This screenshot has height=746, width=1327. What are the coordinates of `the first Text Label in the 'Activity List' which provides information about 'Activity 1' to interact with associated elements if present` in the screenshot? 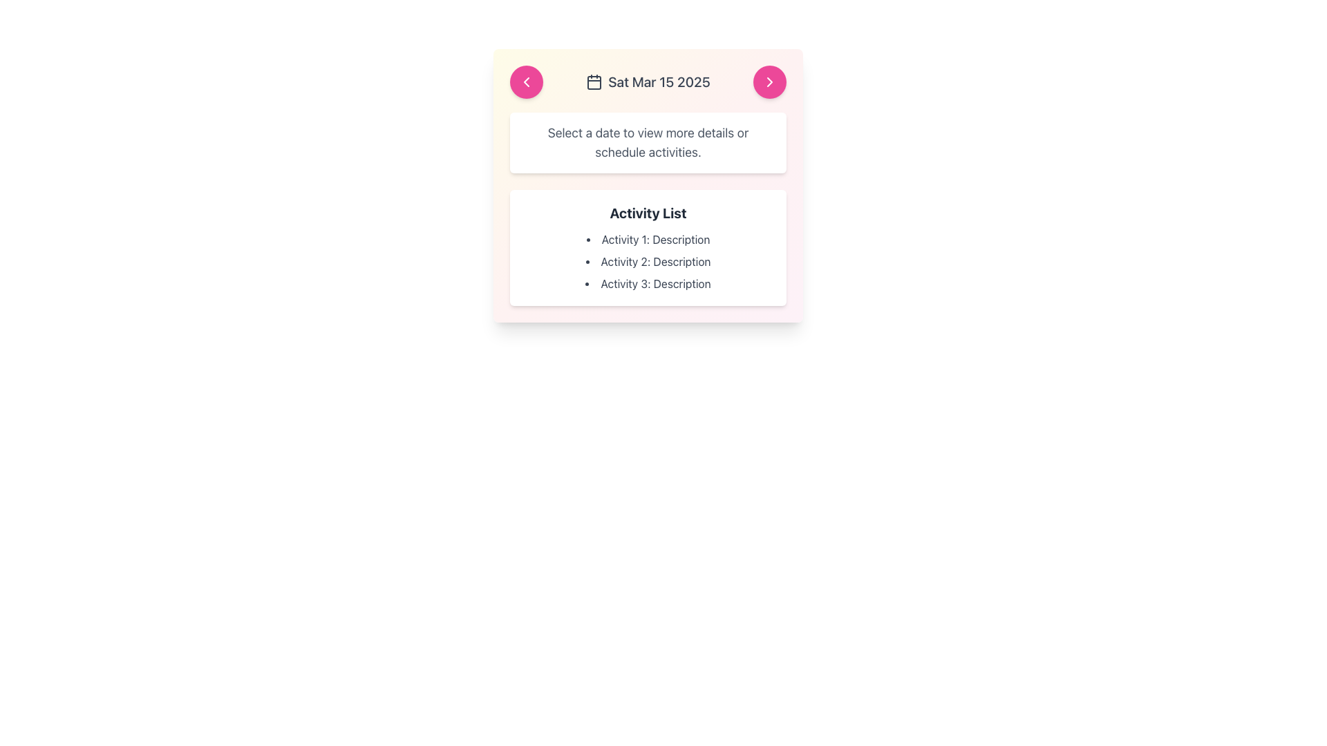 It's located at (647, 239).